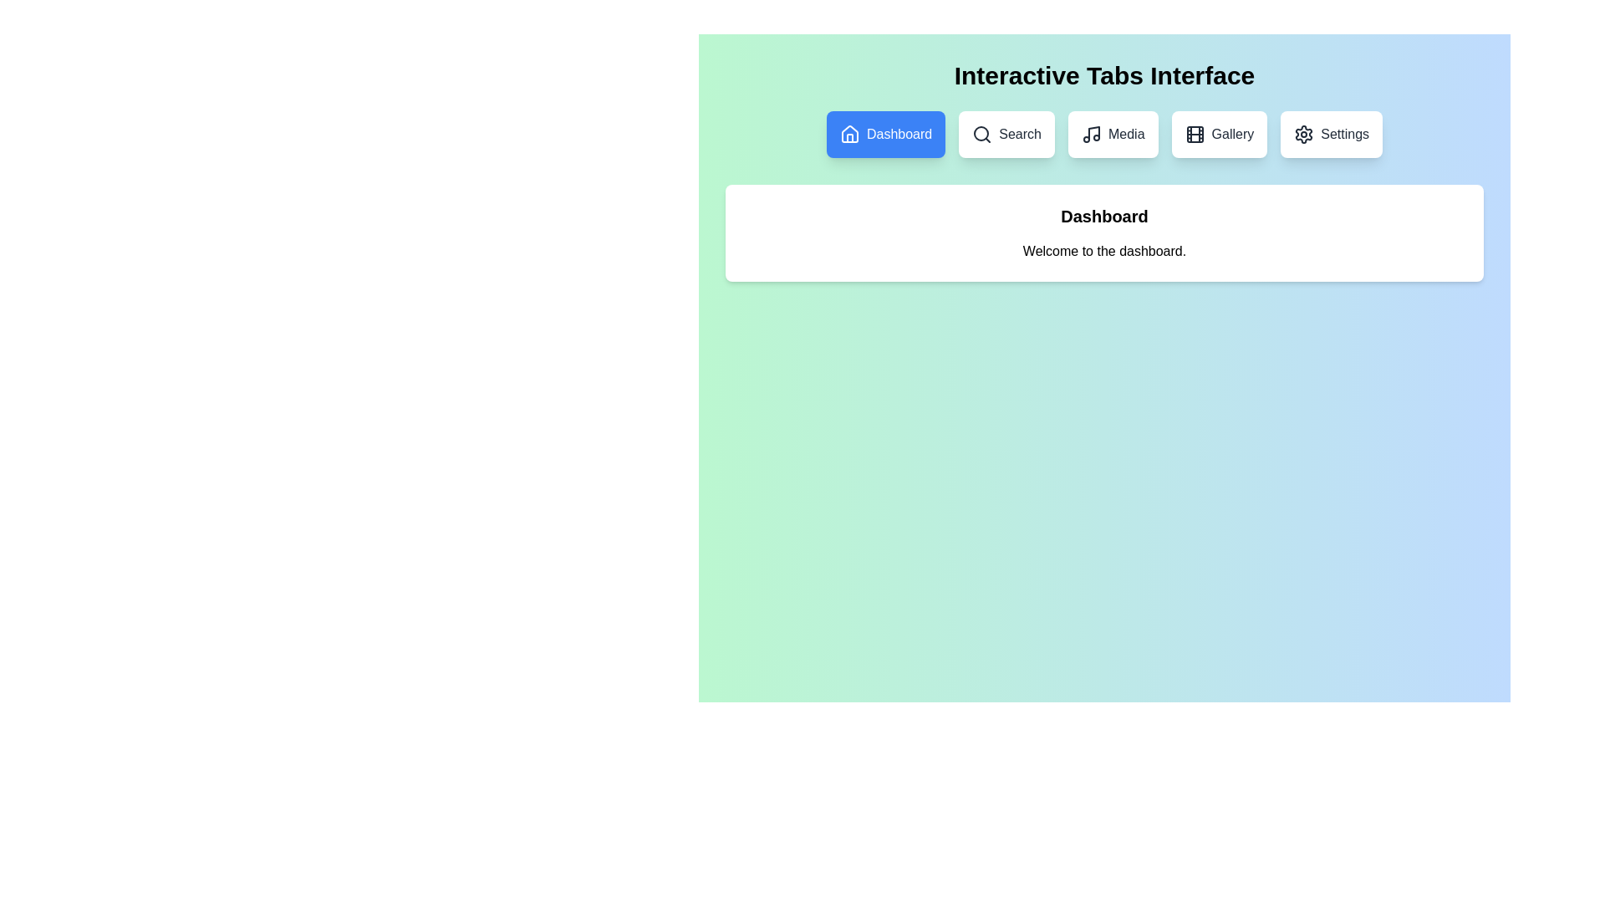 This screenshot has width=1605, height=903. Describe the element at coordinates (1112, 134) in the screenshot. I see `the 'Media' button, which is the third button in a horizontal row with a white background and gray text` at that location.